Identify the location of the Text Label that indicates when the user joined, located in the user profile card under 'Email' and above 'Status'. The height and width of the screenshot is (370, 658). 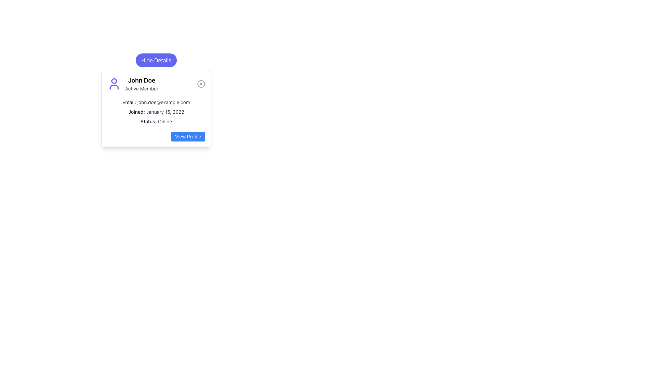
(156, 112).